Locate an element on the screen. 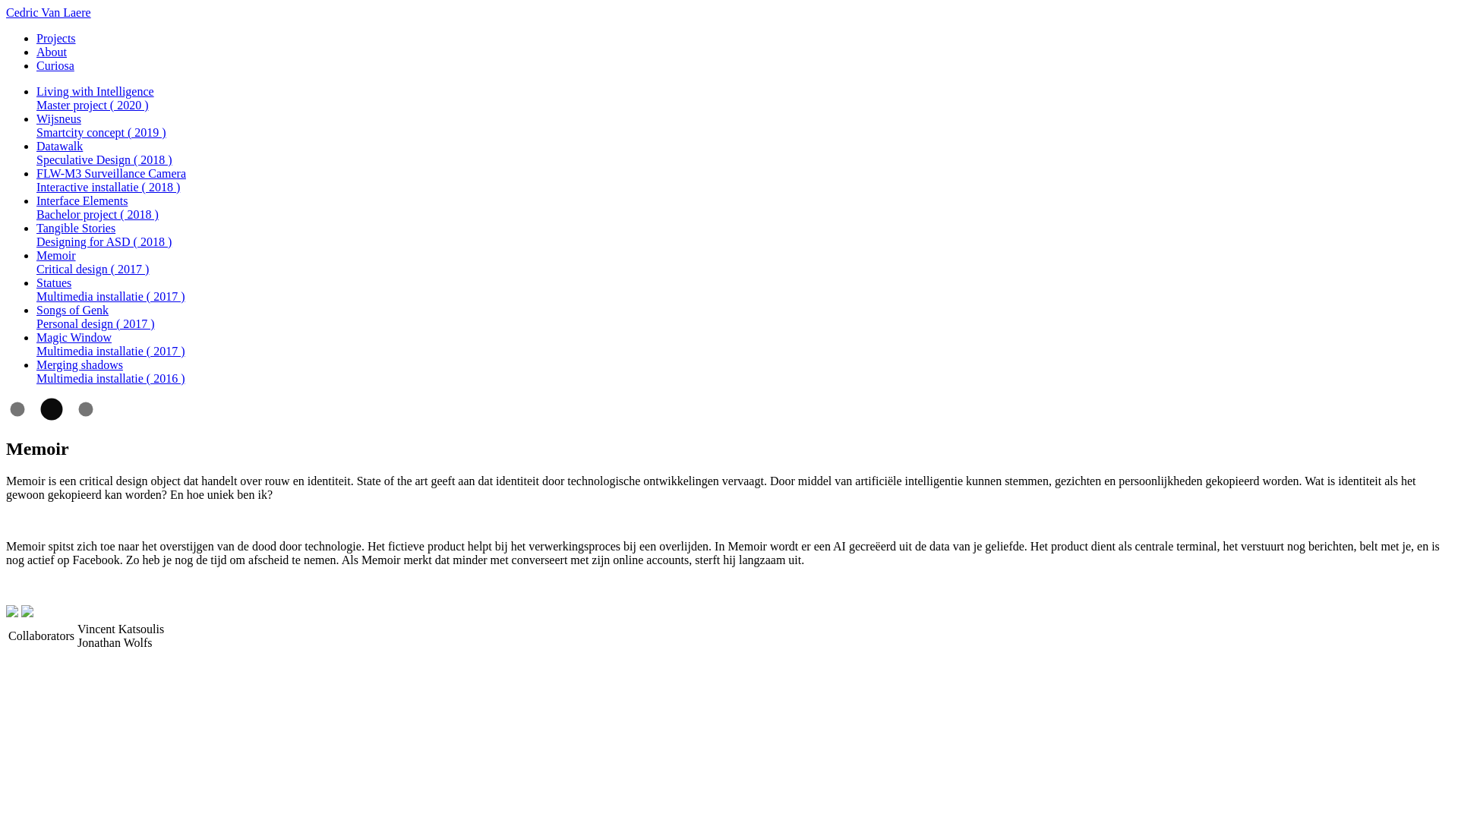  'Curiosa' is located at coordinates (55, 65).